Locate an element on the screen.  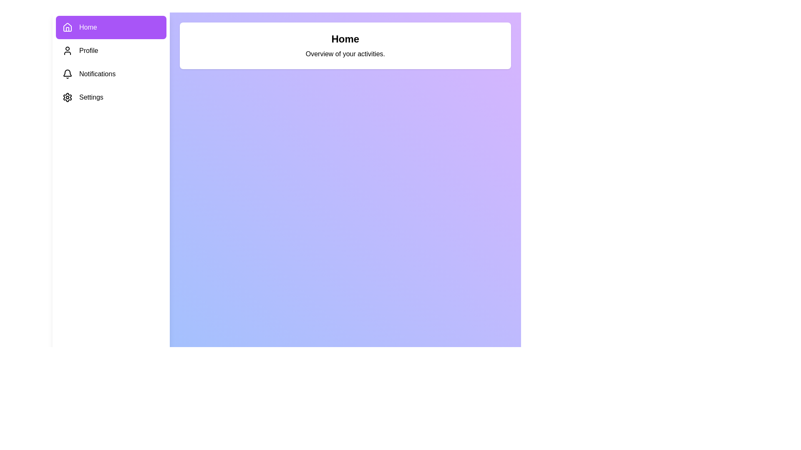
the tab labeled Home to view its content is located at coordinates (111, 27).